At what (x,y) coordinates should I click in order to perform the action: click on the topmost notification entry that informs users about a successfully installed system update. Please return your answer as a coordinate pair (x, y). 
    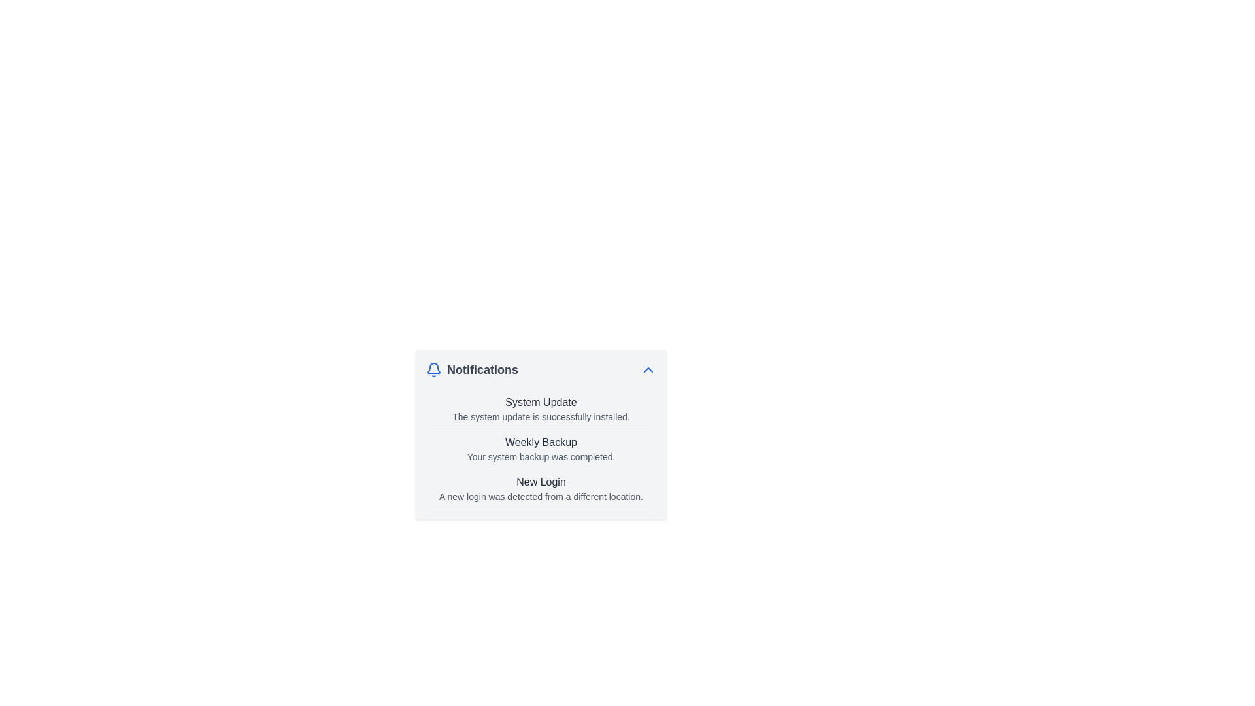
    Looking at the image, I should click on (541, 409).